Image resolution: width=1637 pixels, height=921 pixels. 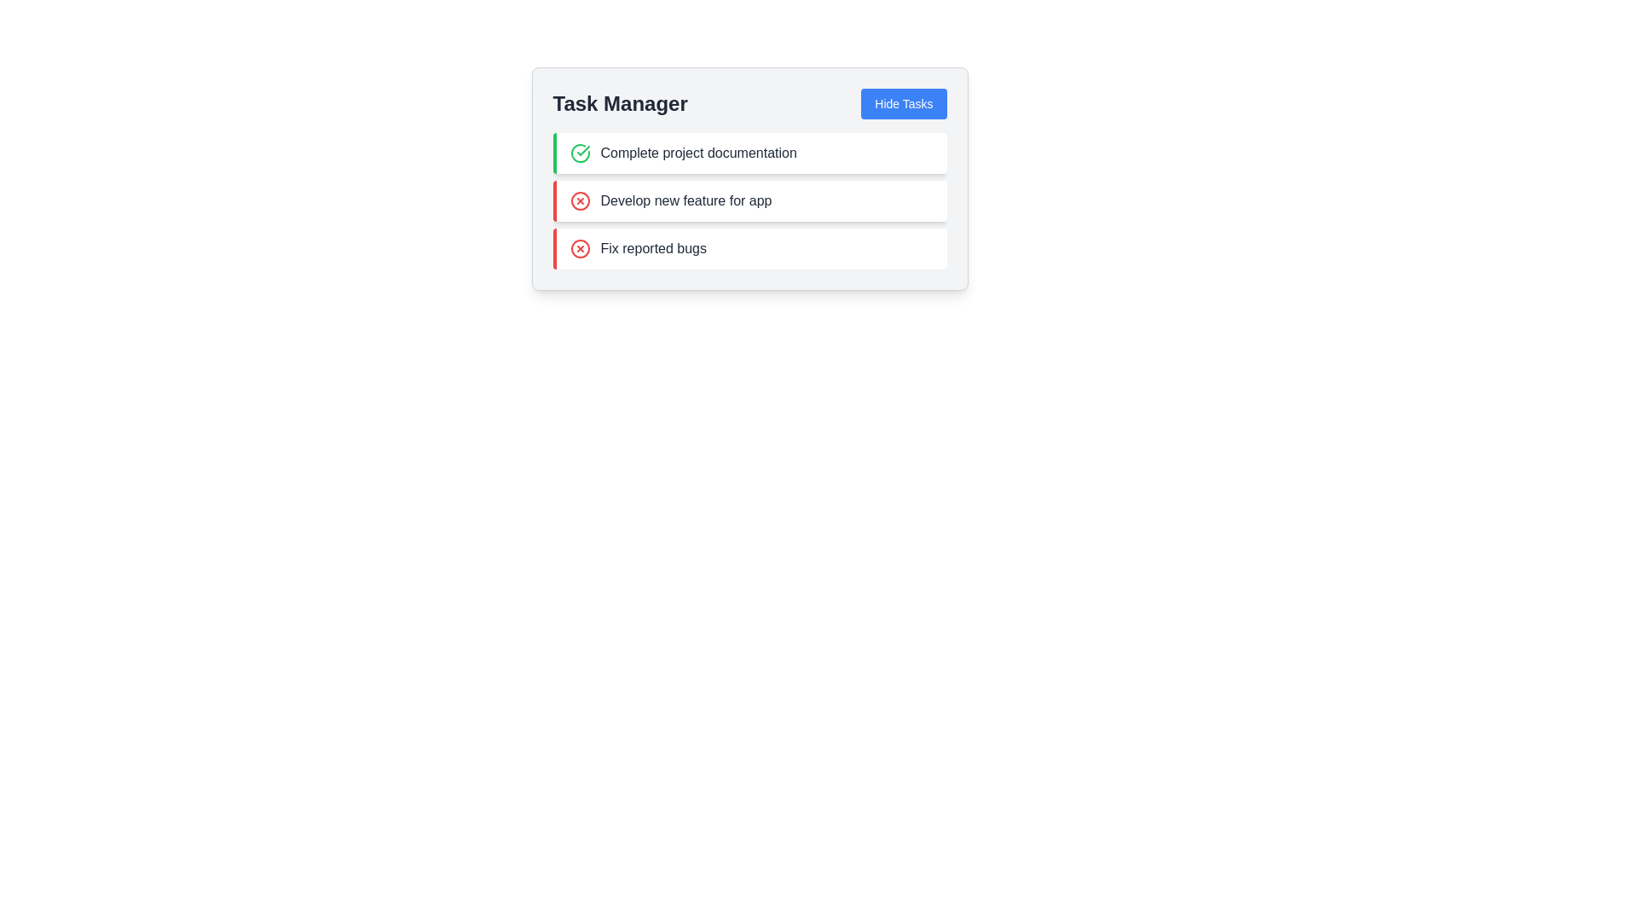 I want to click on the task item labeled 'Fix reported bugs' which has a red cross icon, located in the Task Manager list, so click(x=749, y=249).